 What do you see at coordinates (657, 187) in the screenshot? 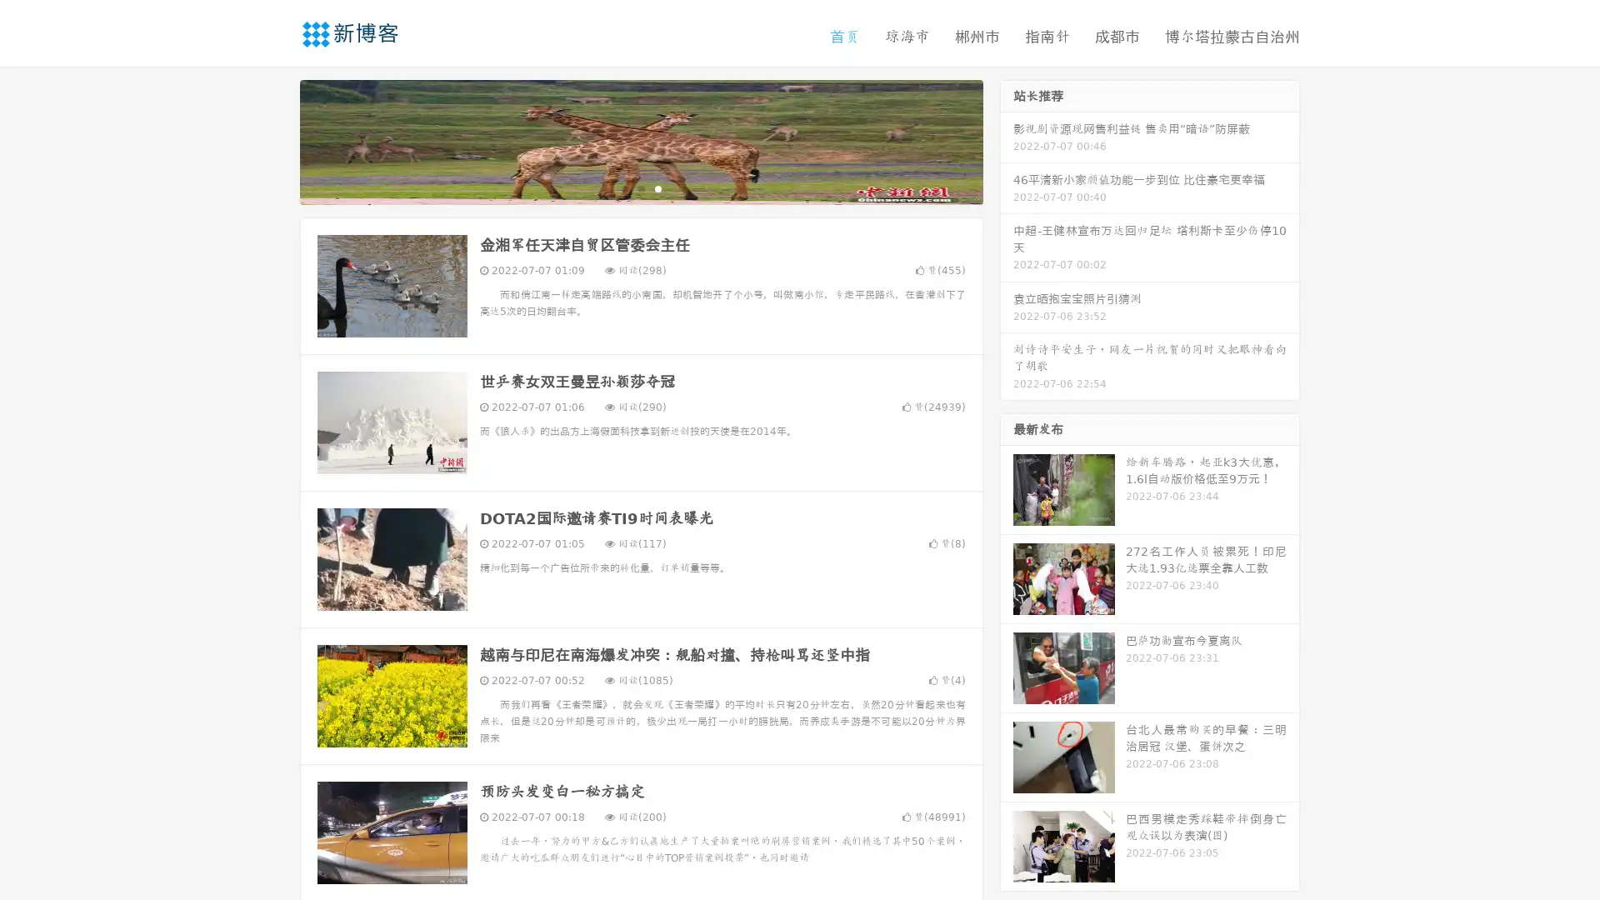
I see `Go to slide 3` at bounding box center [657, 187].